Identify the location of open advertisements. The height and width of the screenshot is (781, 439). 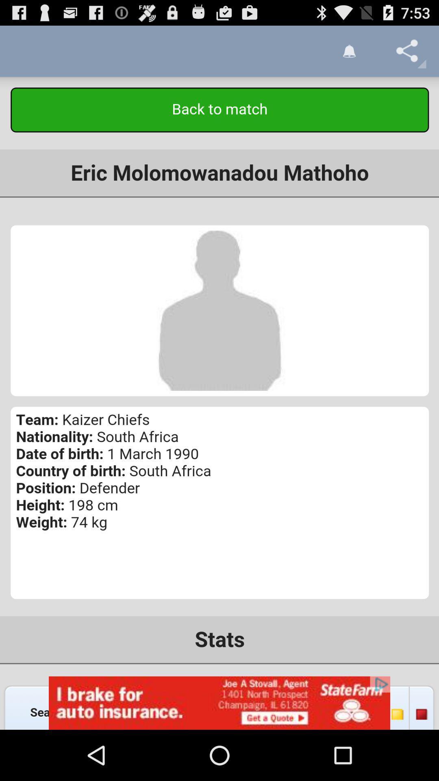
(219, 702).